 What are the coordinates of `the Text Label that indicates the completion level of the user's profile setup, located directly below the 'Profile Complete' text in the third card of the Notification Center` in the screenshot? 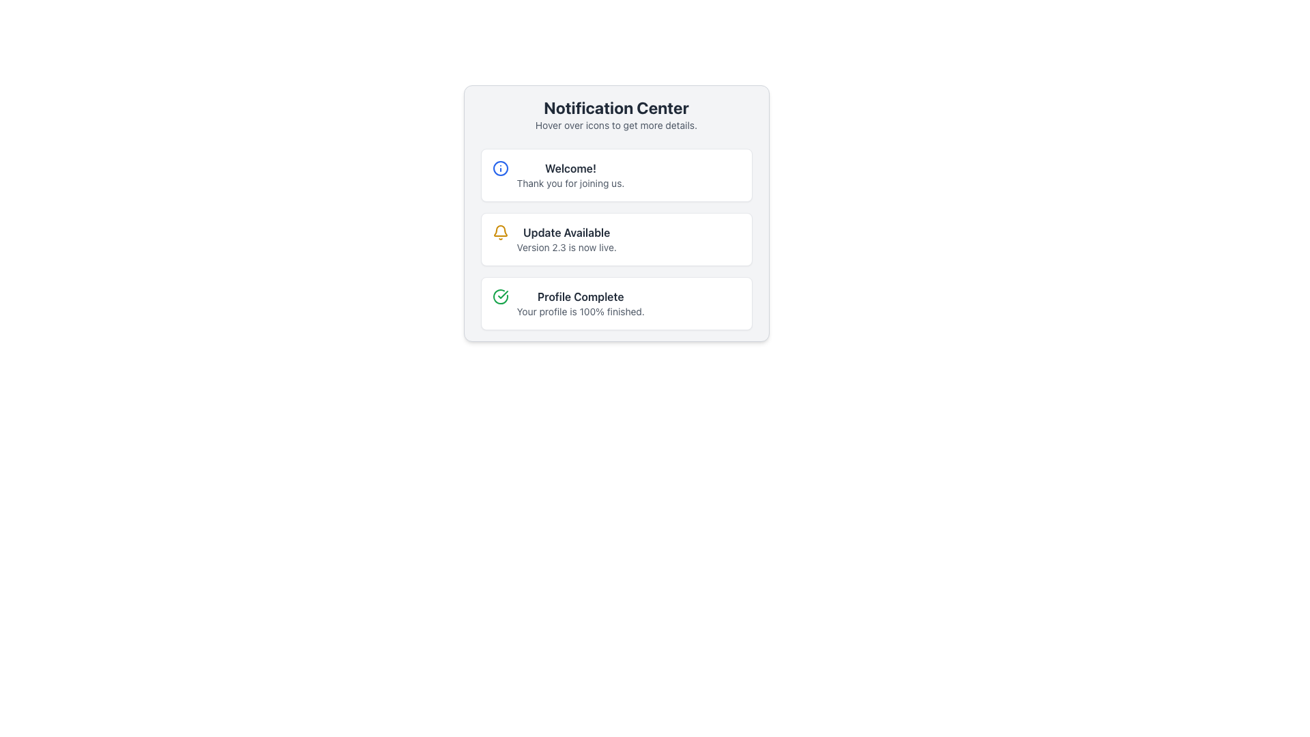 It's located at (581, 311).